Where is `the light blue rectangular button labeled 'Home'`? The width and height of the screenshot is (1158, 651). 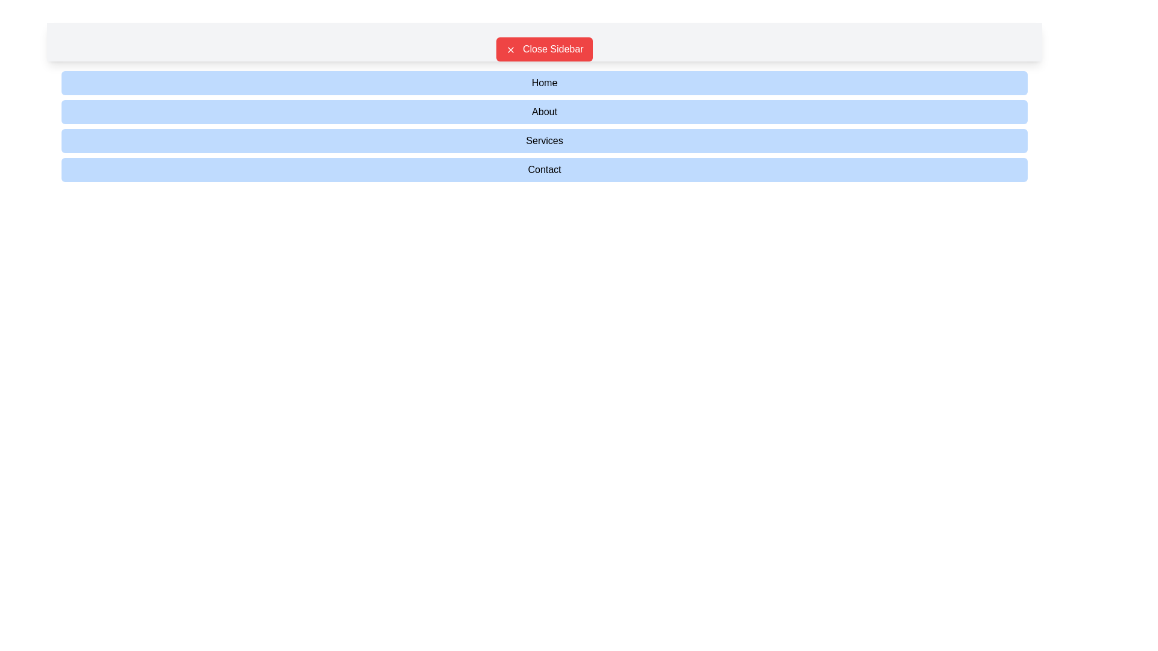
the light blue rectangular button labeled 'Home' is located at coordinates (543, 83).